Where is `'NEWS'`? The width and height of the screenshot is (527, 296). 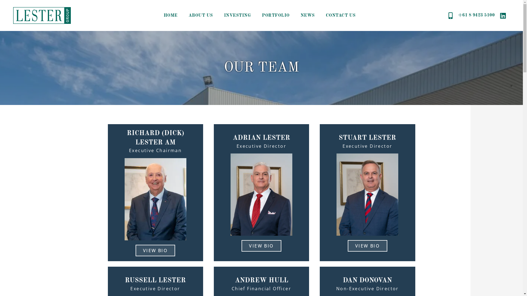
'NEWS' is located at coordinates (308, 15).